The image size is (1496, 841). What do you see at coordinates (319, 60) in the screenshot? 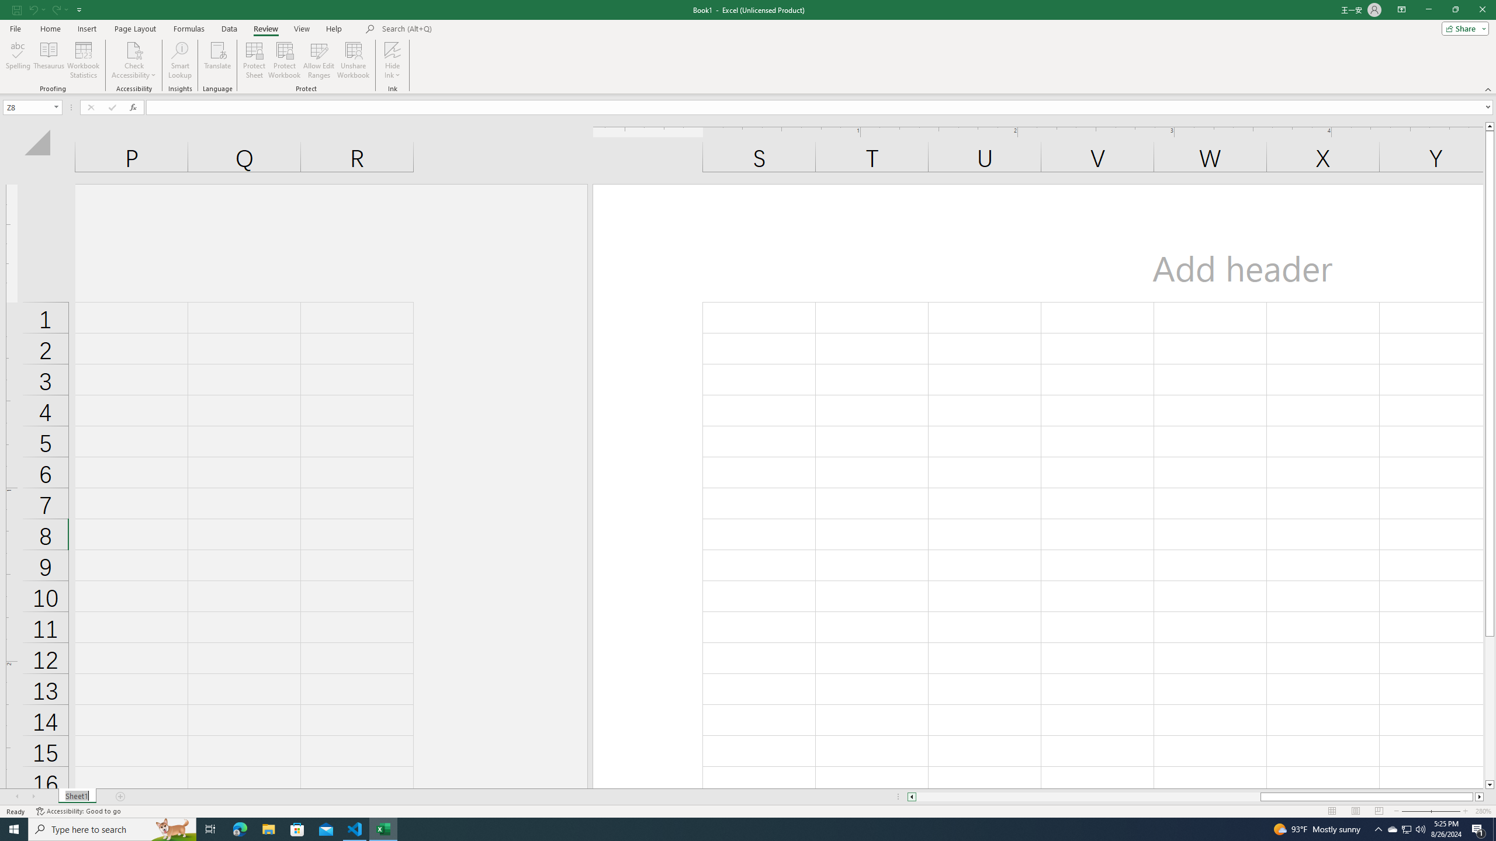
I see `'Allow Edit Ranges'` at bounding box center [319, 60].